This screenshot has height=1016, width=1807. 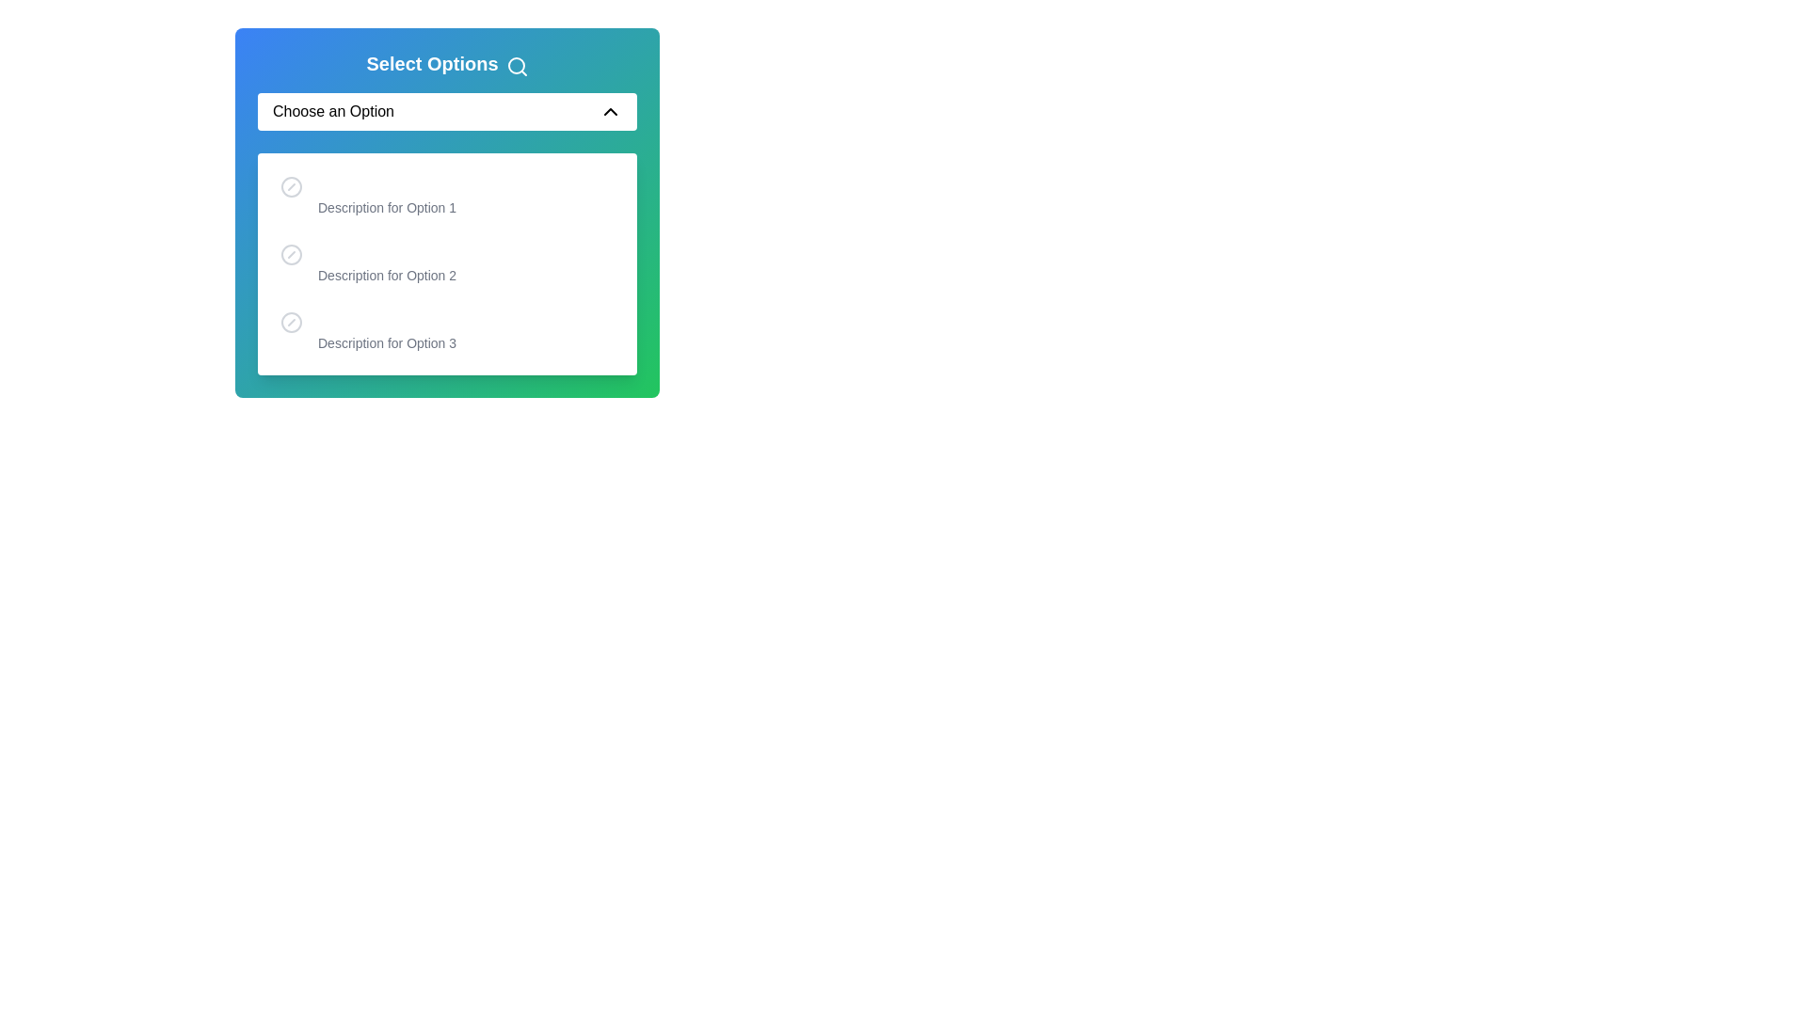 I want to click on the circular gray icon with a slash through it located to the left of the label 'Option 2', so click(x=291, y=254).